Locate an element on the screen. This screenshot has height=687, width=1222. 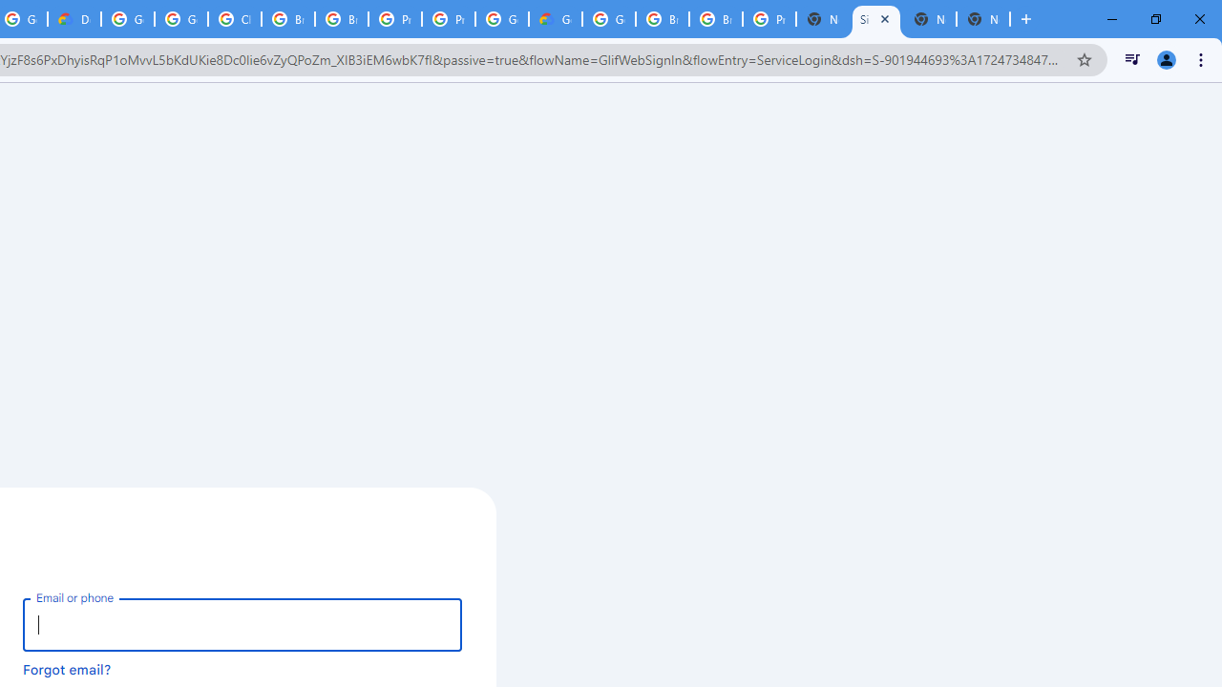
'Email or phone' is located at coordinates (242, 624).